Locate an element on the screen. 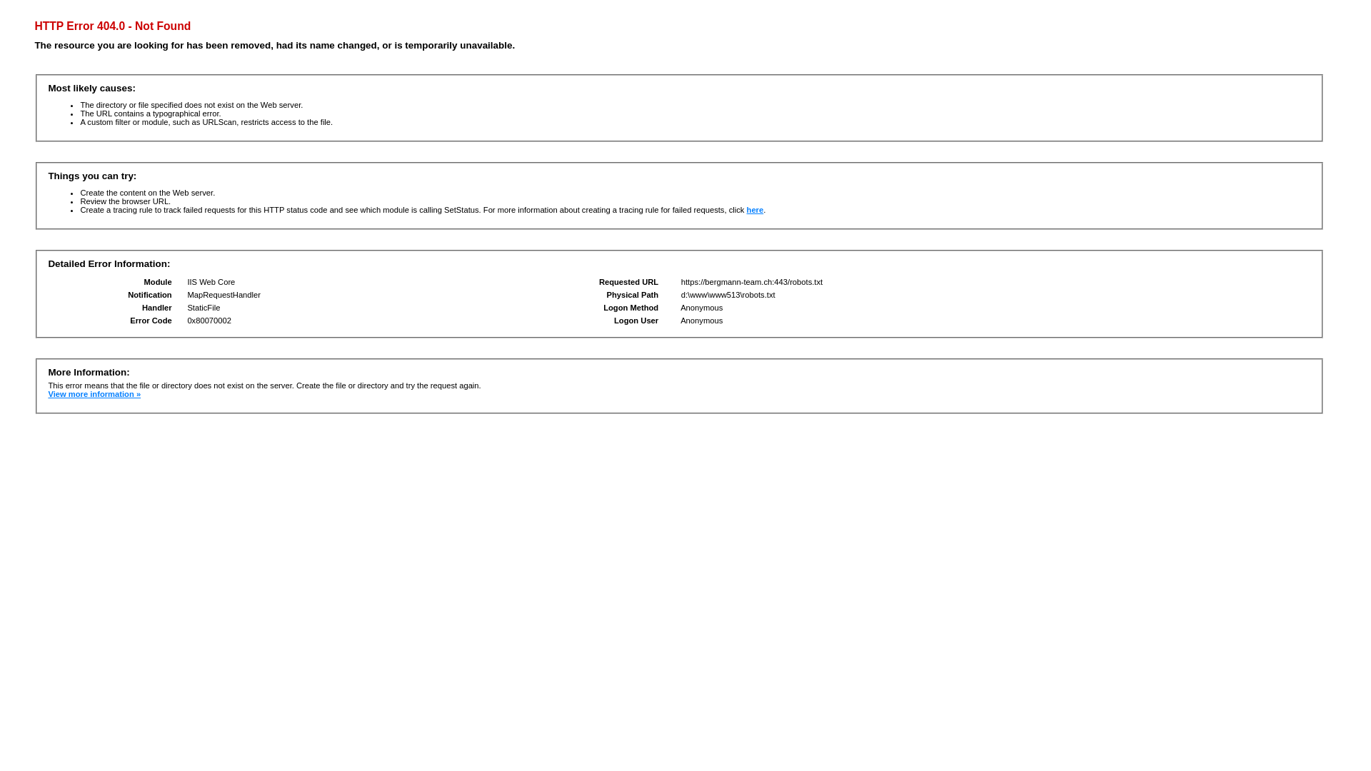 The height and width of the screenshot is (771, 1371). 'here' is located at coordinates (754, 209).